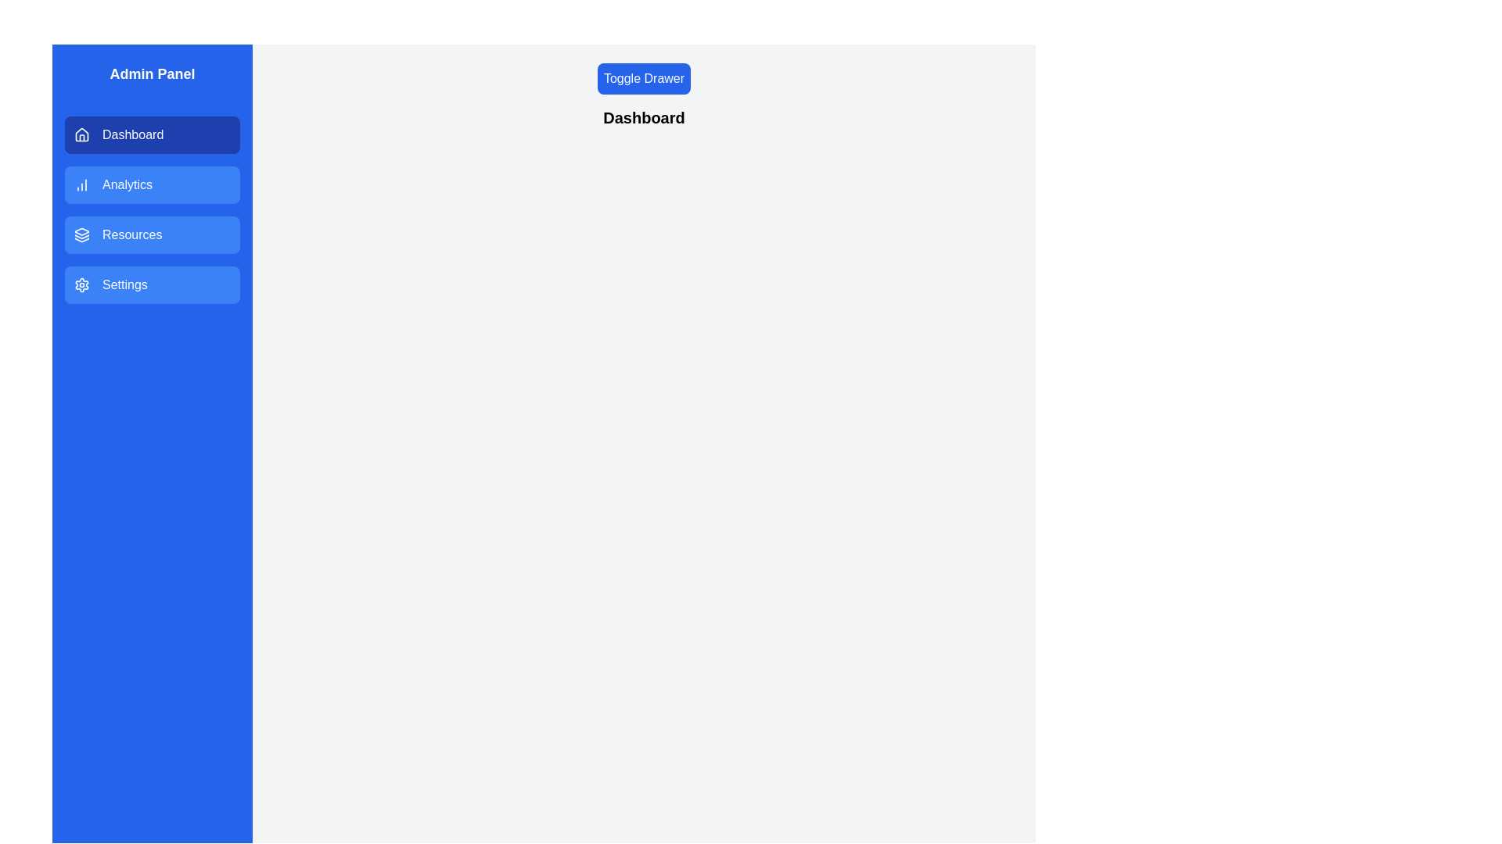 The height and width of the screenshot is (844, 1502). What do you see at coordinates (153, 285) in the screenshot?
I see `the menu section Settings by clicking on its button` at bounding box center [153, 285].